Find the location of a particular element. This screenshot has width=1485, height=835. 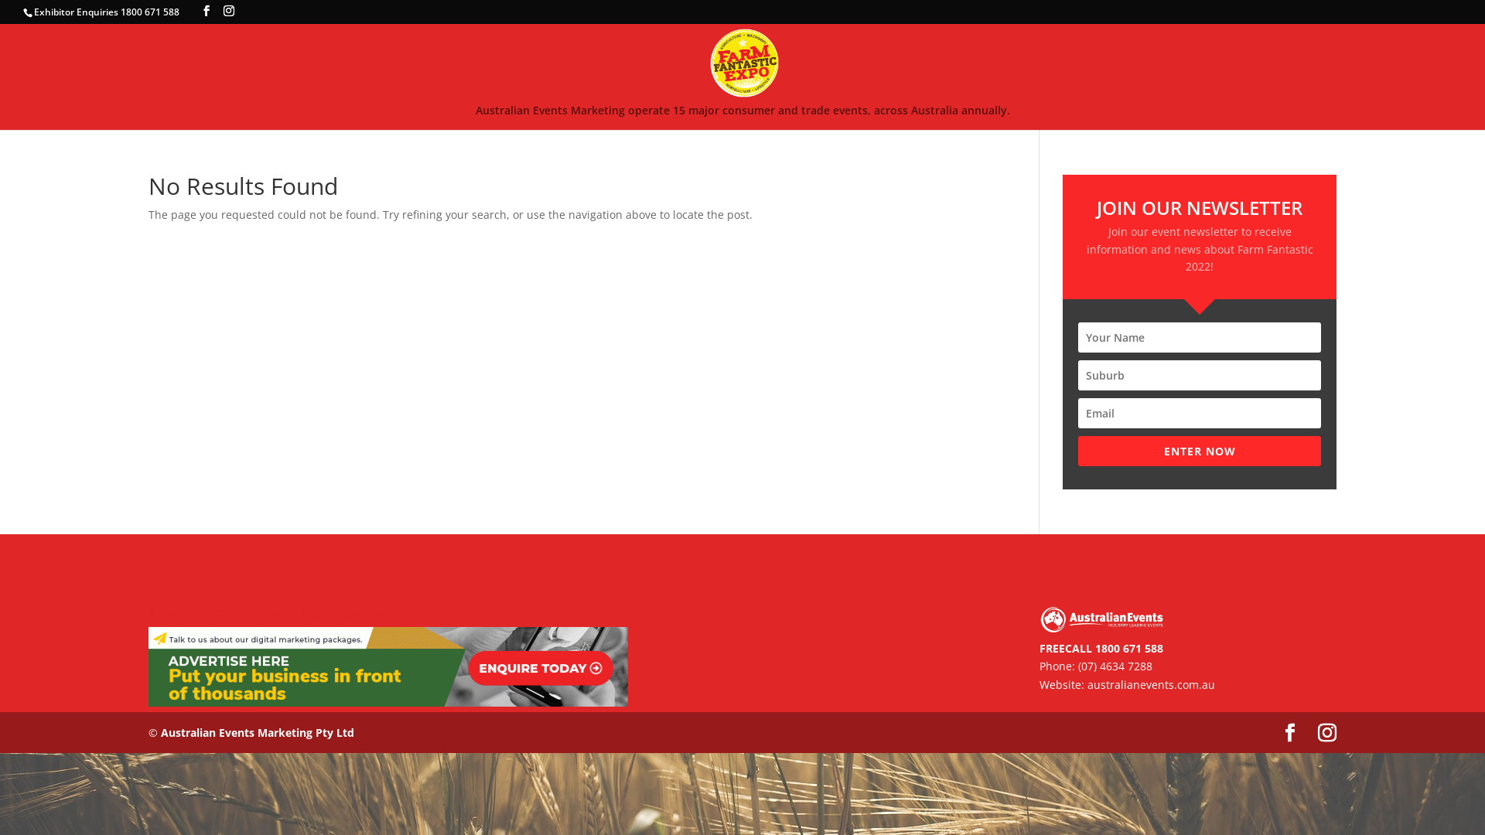

'Australian Events Marketing Pty Ltd' is located at coordinates (257, 731).